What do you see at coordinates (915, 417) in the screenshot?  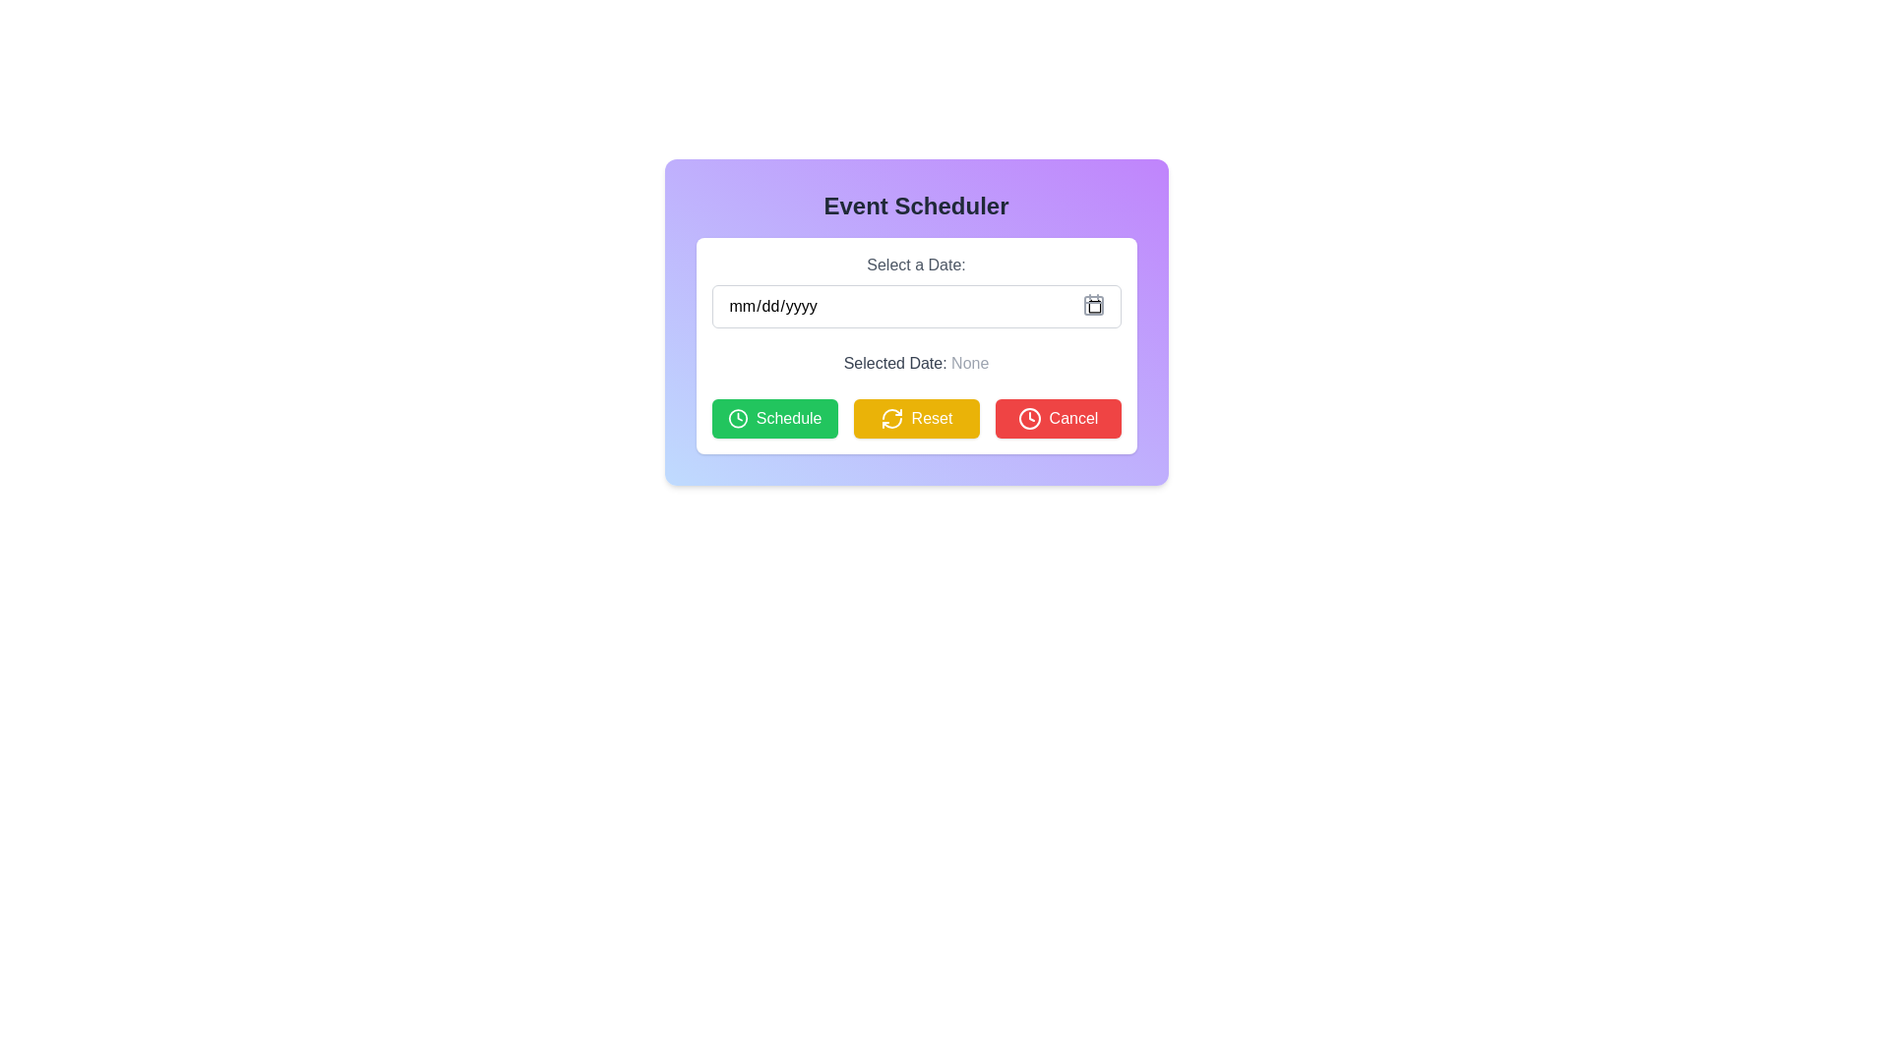 I see `the 'Reset' button located in the 'Event Scheduler' card to reset the selected data` at bounding box center [915, 417].